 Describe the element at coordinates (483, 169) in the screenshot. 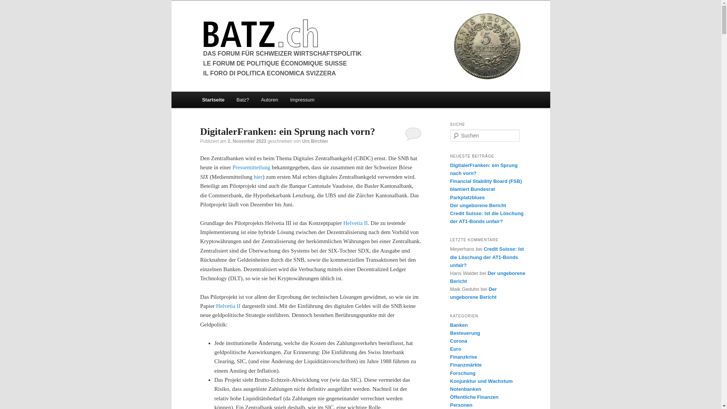

I see `'DigitalerFranken: ein Sprung nach vorn?'` at that location.